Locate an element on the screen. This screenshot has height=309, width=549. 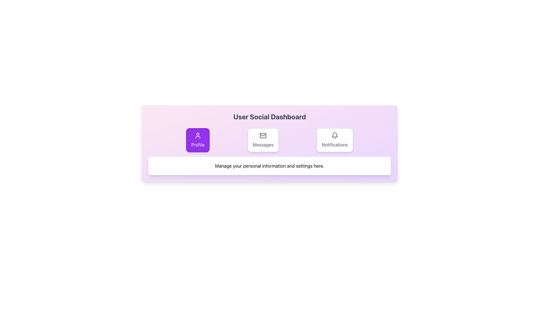
the Messages icon, which visually represents an envelope and indicates mail or messaging functionality is located at coordinates (263, 135).